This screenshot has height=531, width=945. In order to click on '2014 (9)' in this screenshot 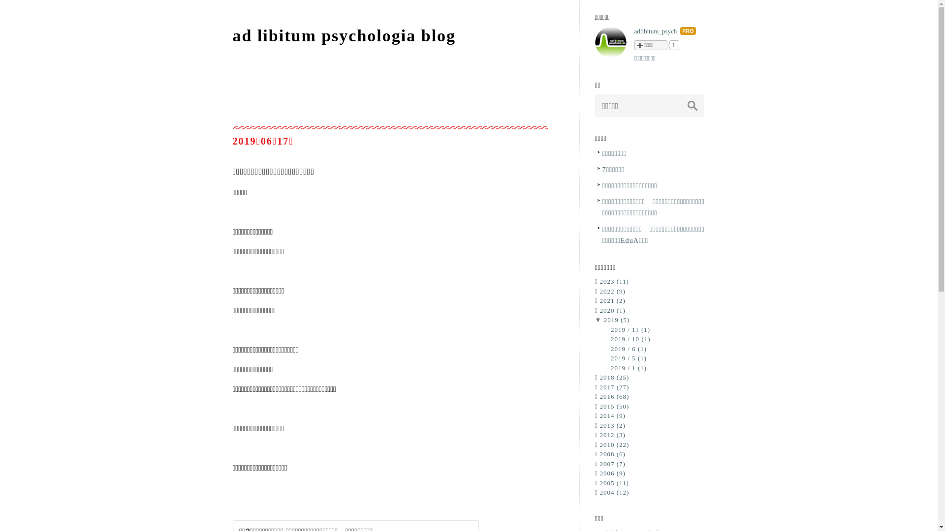, I will do `click(611, 415)`.